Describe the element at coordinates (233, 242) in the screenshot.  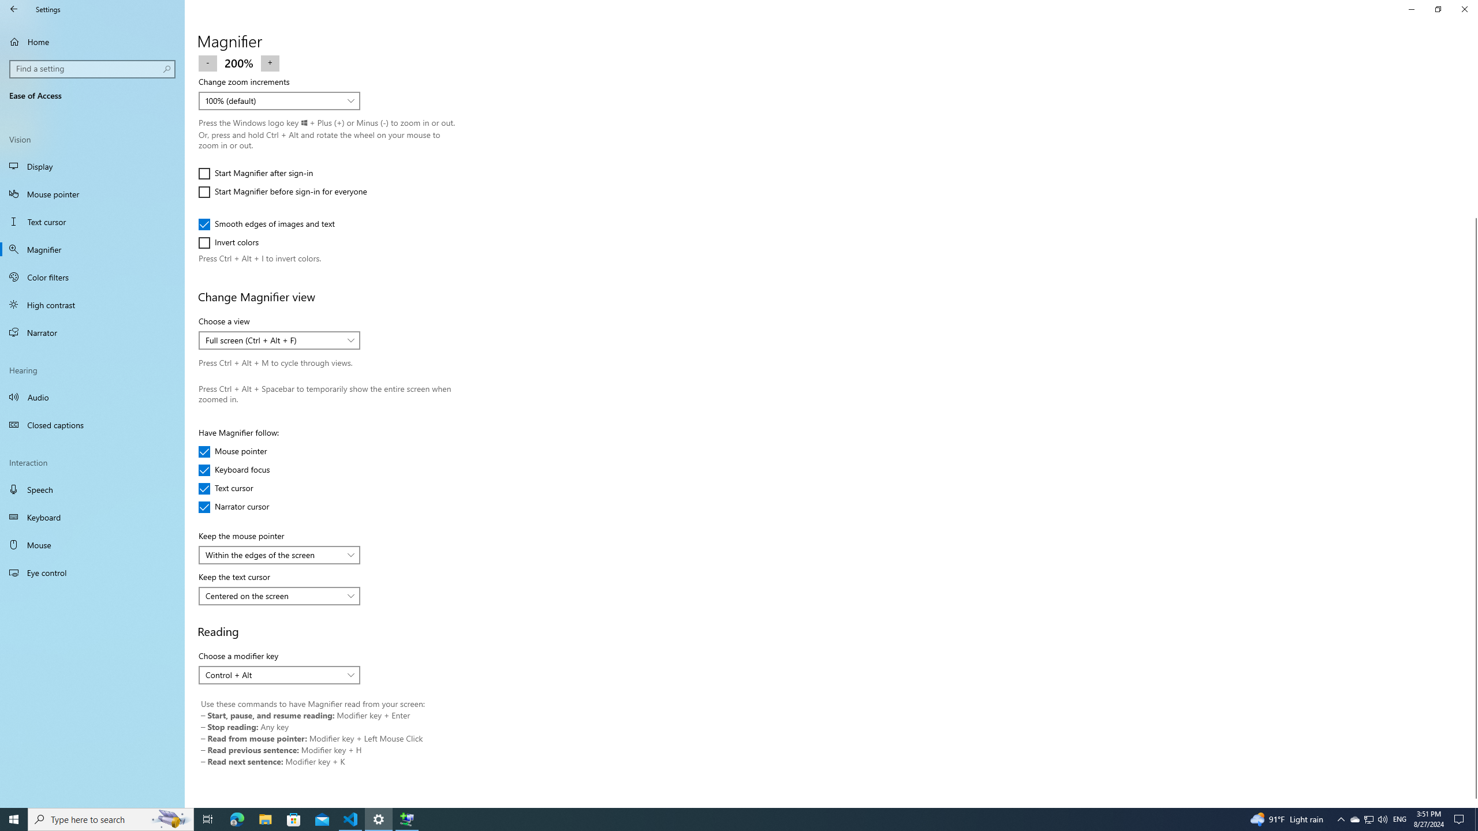
I see `'Invert colors'` at that location.